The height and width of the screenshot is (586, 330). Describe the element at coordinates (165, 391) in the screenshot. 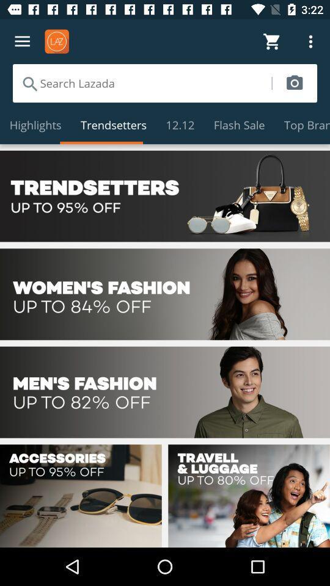

I see `advertisement` at that location.